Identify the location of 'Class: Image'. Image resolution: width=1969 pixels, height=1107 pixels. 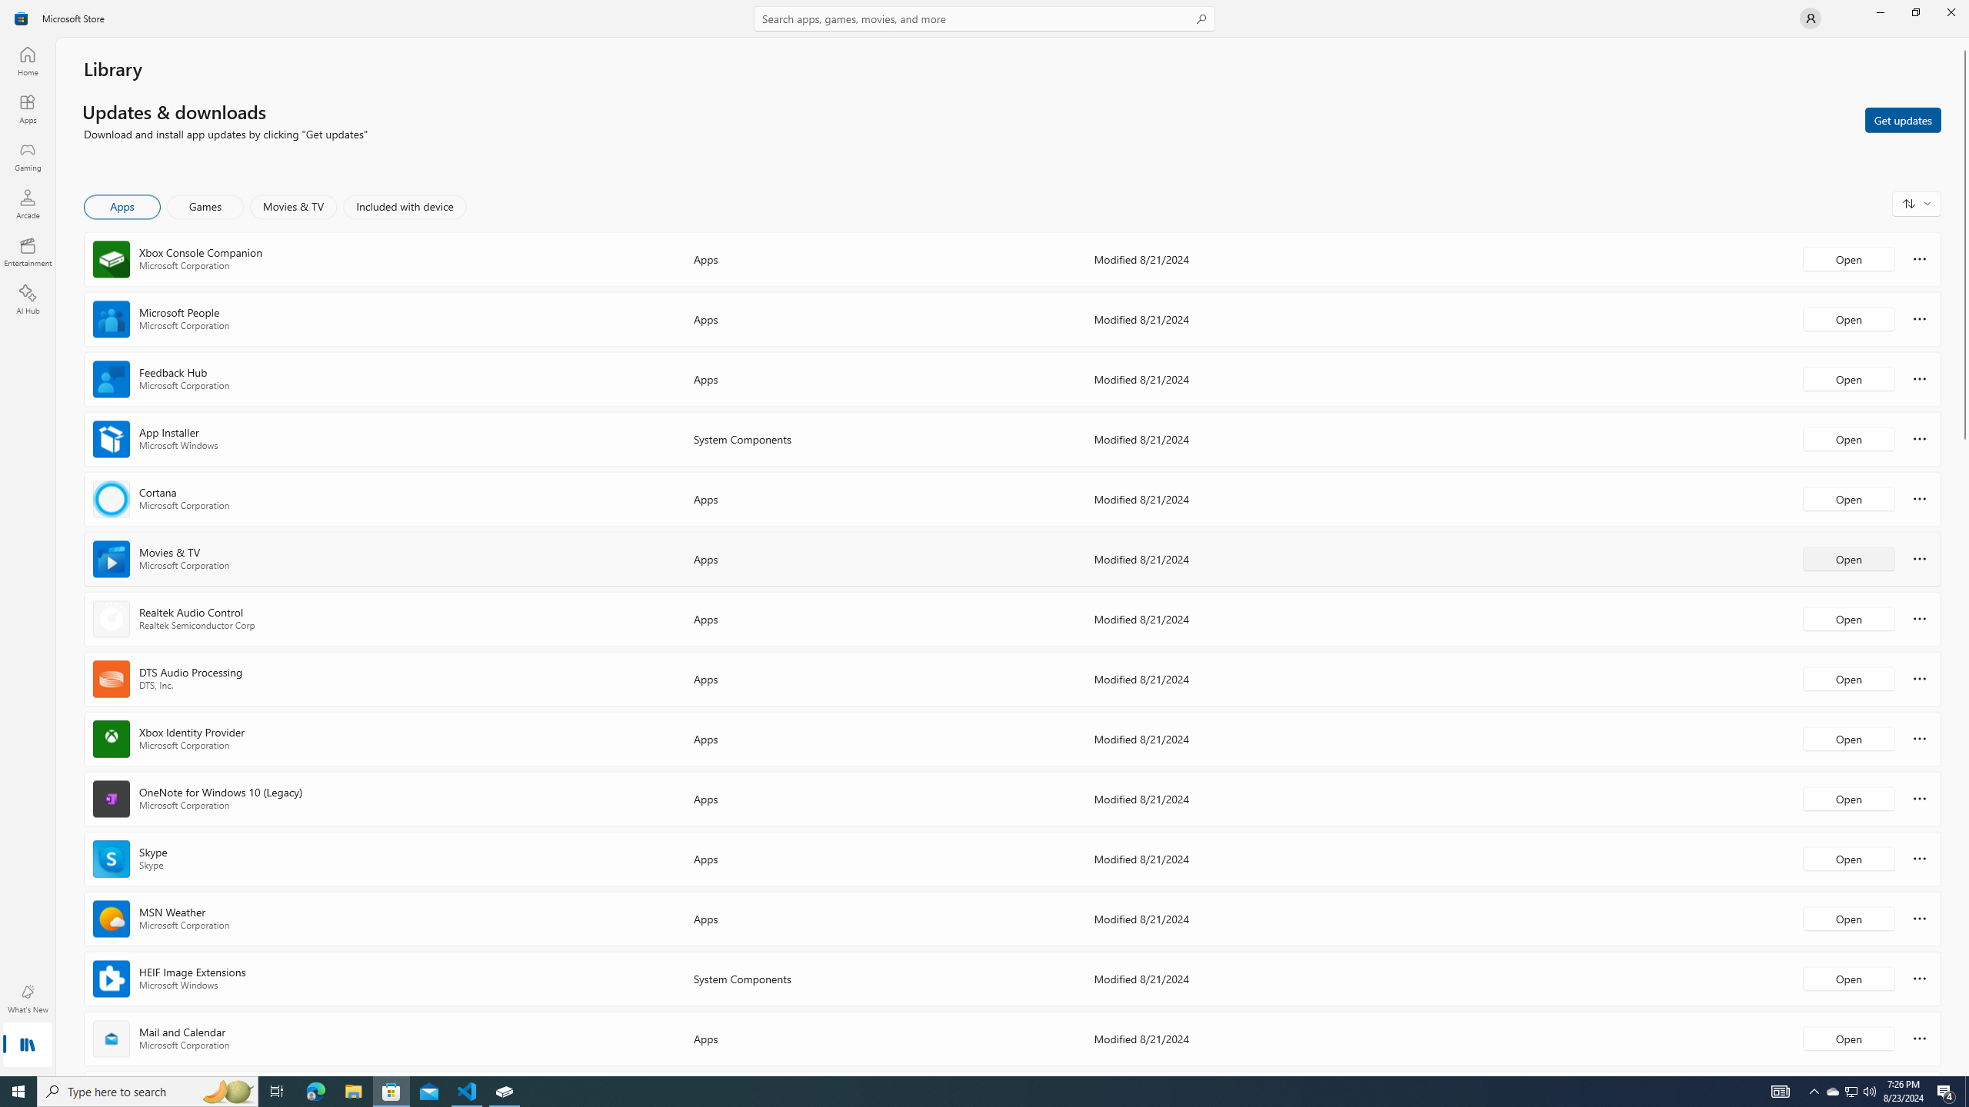
(22, 17).